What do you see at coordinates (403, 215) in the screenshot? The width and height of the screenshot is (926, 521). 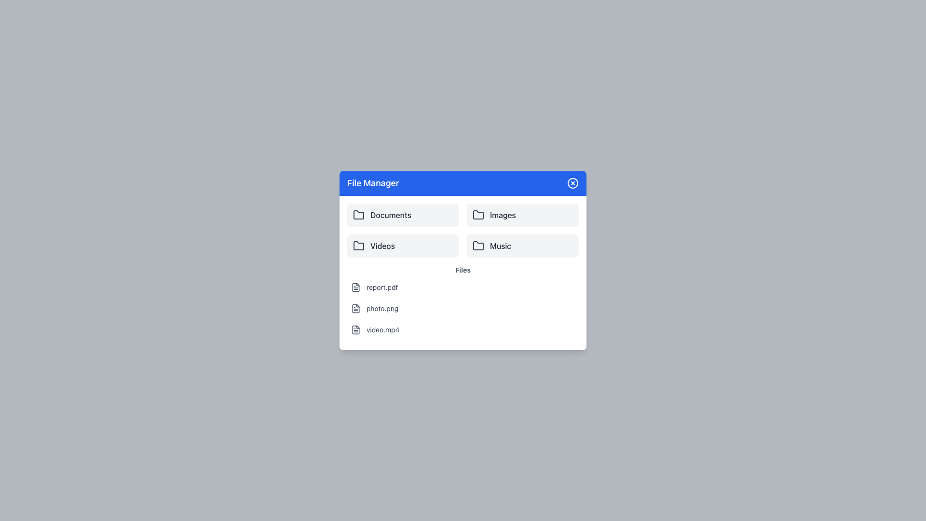 I see `the 'Documents' button located in the top left corner of the grid layout in the 'File Manager' interface` at bounding box center [403, 215].